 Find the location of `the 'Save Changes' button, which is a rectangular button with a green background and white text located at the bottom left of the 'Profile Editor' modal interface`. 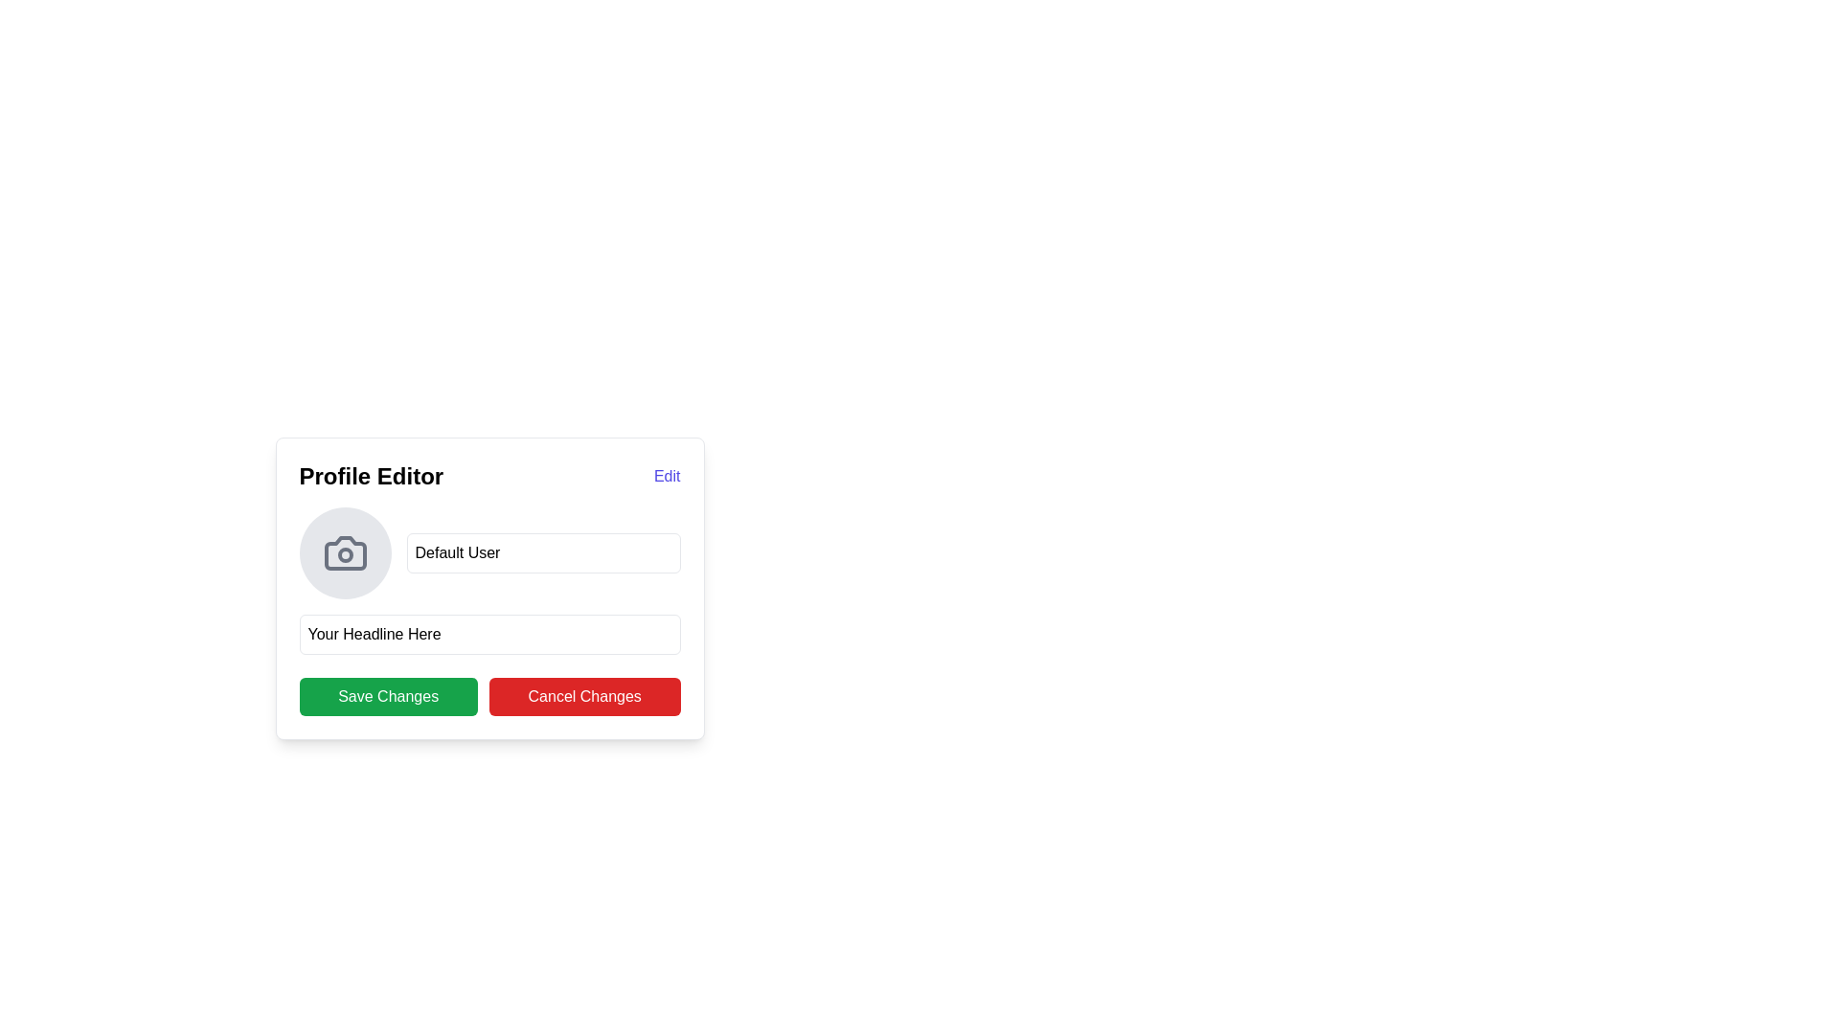

the 'Save Changes' button, which is a rectangular button with a green background and white text located at the bottom left of the 'Profile Editor' modal interface is located at coordinates (387, 697).